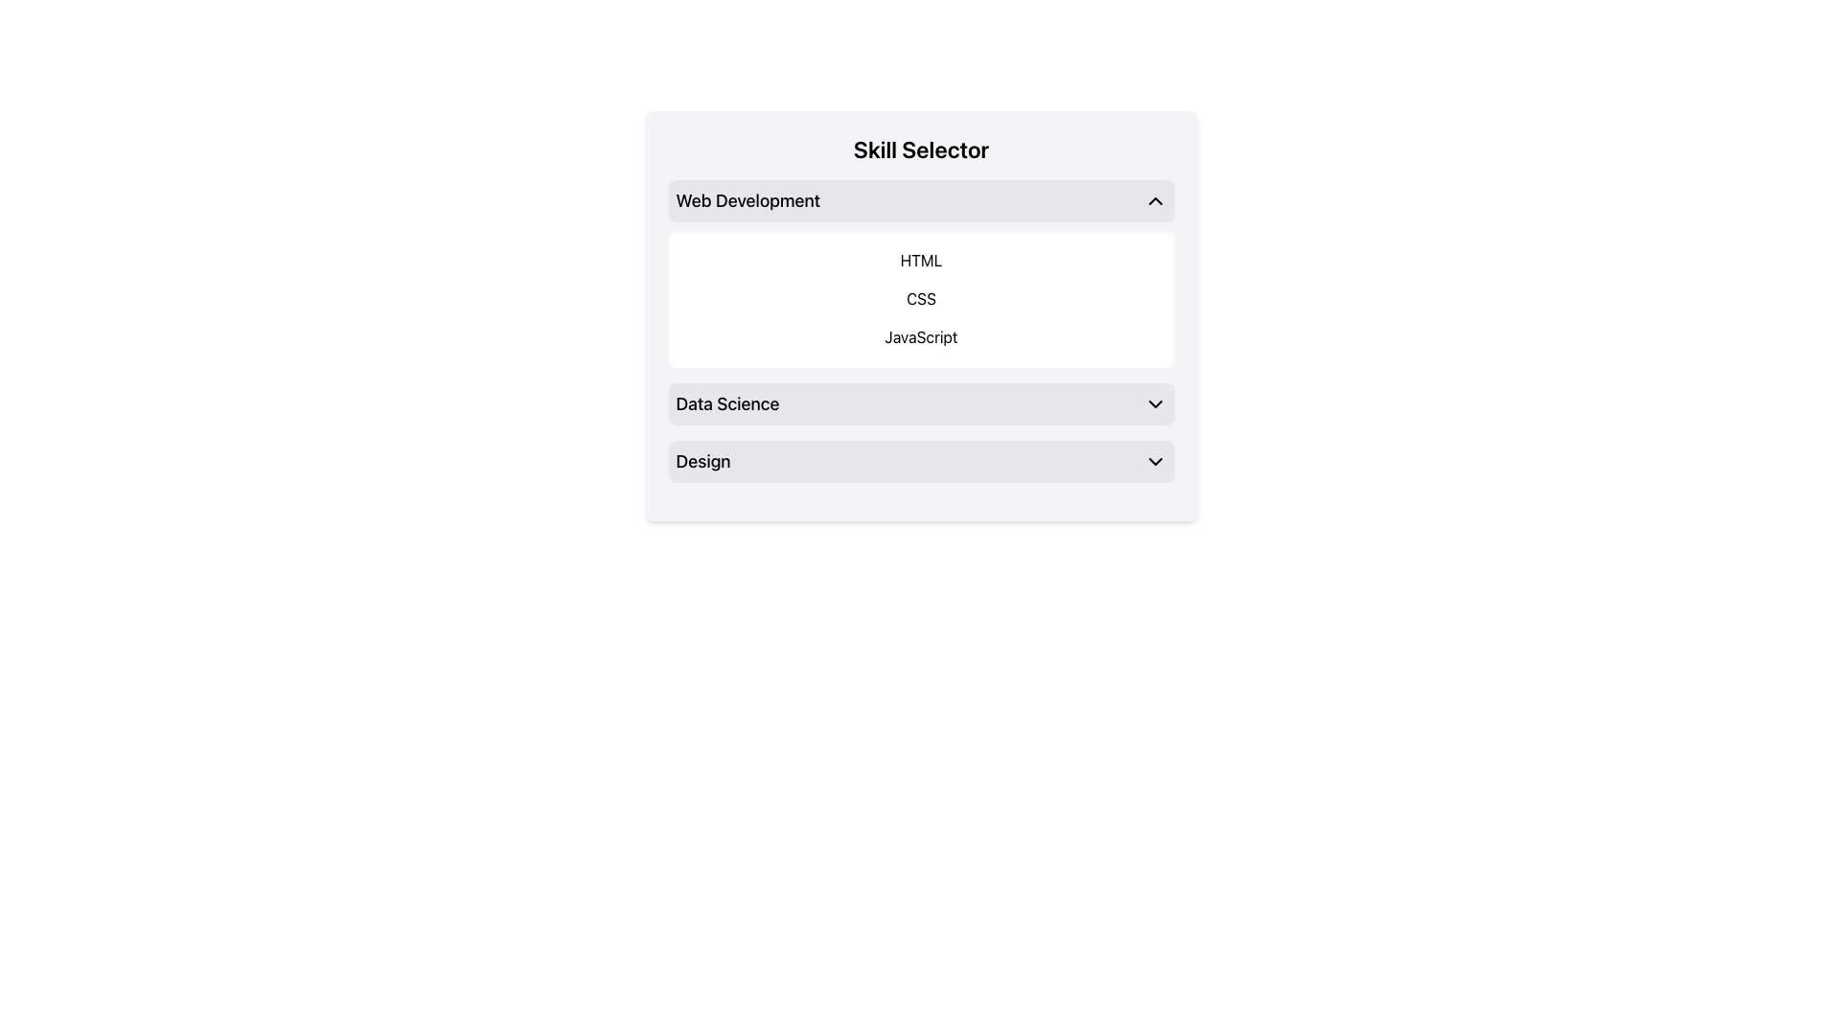  Describe the element at coordinates (921, 335) in the screenshot. I see `the Static Text Label element displaying 'JavaScript' located in the 'Skill Selector' section, which is the last item in the list of technologies` at that location.